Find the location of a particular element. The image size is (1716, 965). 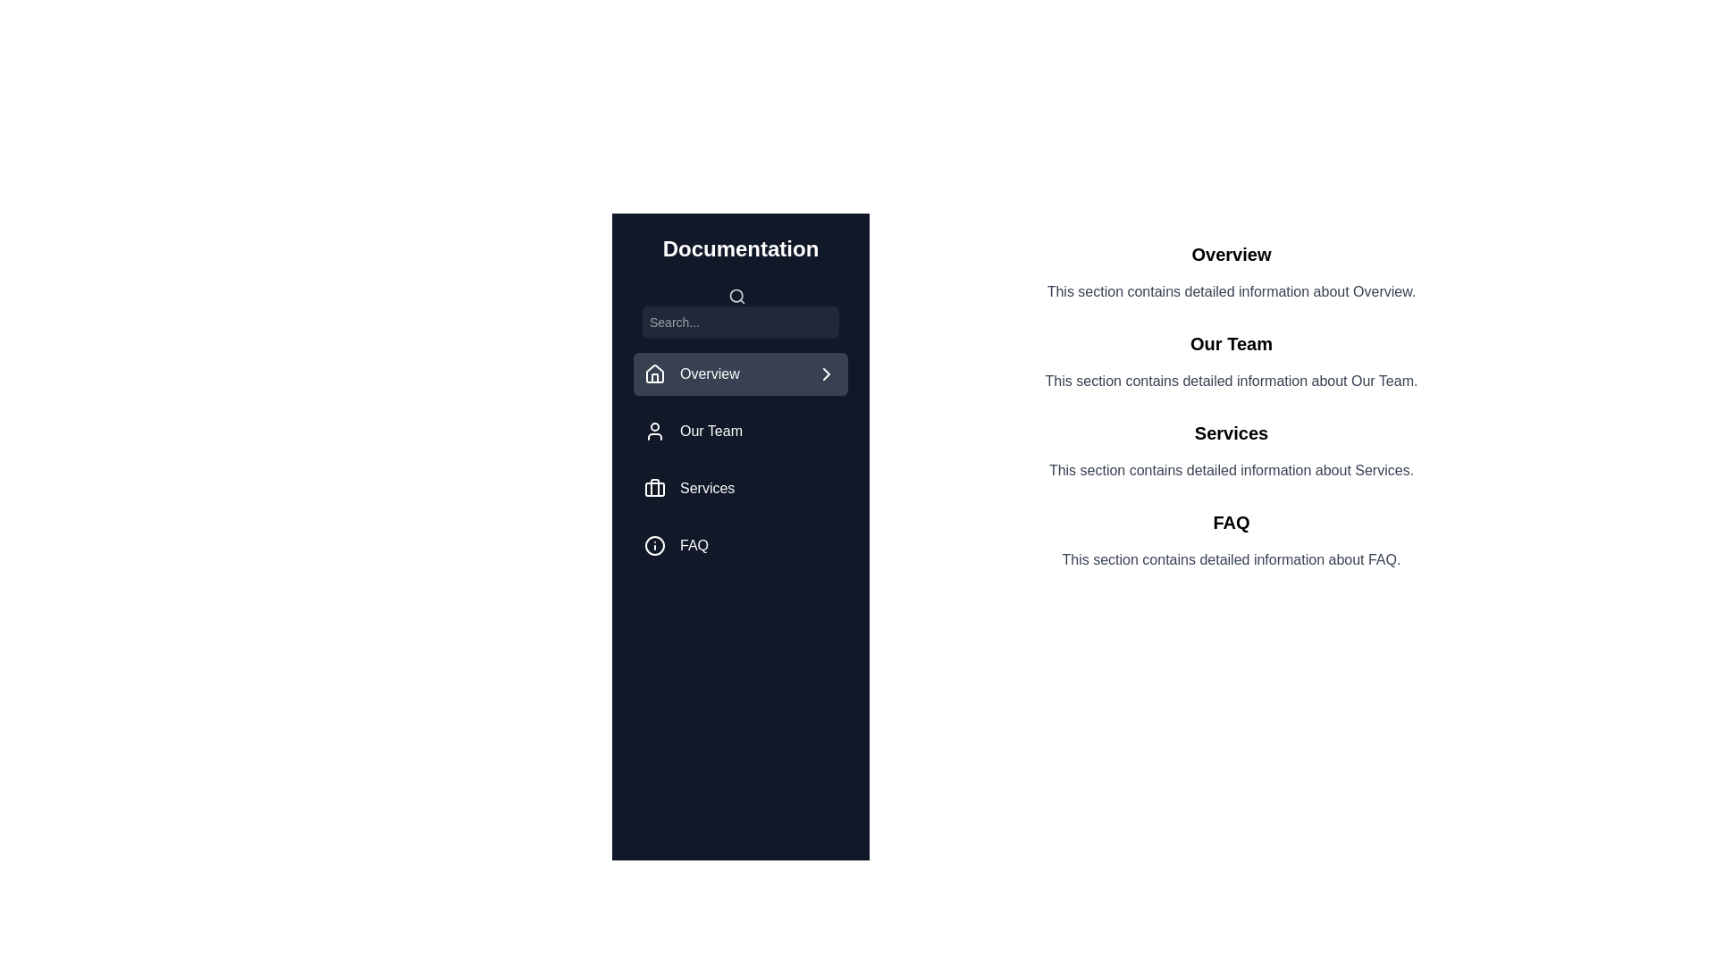

the Vector-based Icon (Arrow/Chevron) adjacent to the 'Overview' menu item, indicating its expandable or clickable action is located at coordinates (826, 373).